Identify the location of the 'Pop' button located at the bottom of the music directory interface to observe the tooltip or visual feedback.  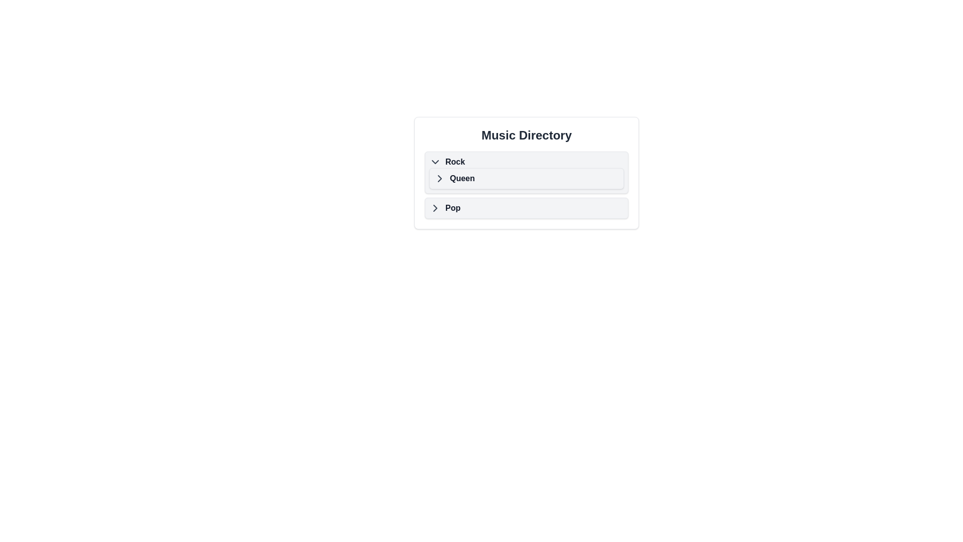
(526, 208).